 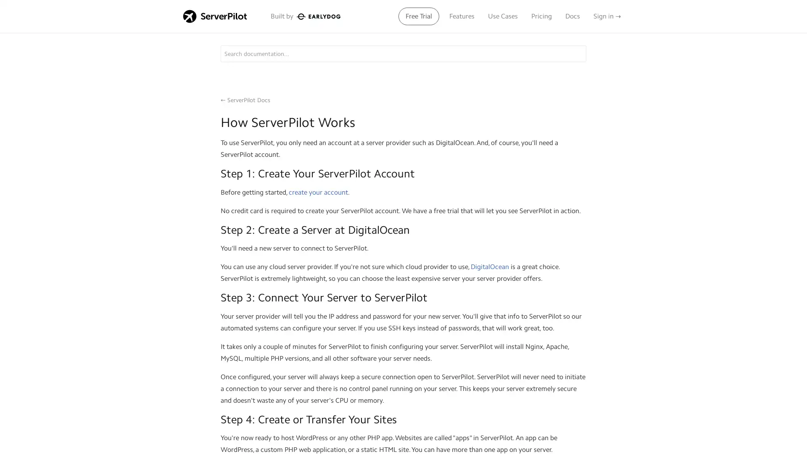 What do you see at coordinates (607, 16) in the screenshot?
I see `Sign in` at bounding box center [607, 16].